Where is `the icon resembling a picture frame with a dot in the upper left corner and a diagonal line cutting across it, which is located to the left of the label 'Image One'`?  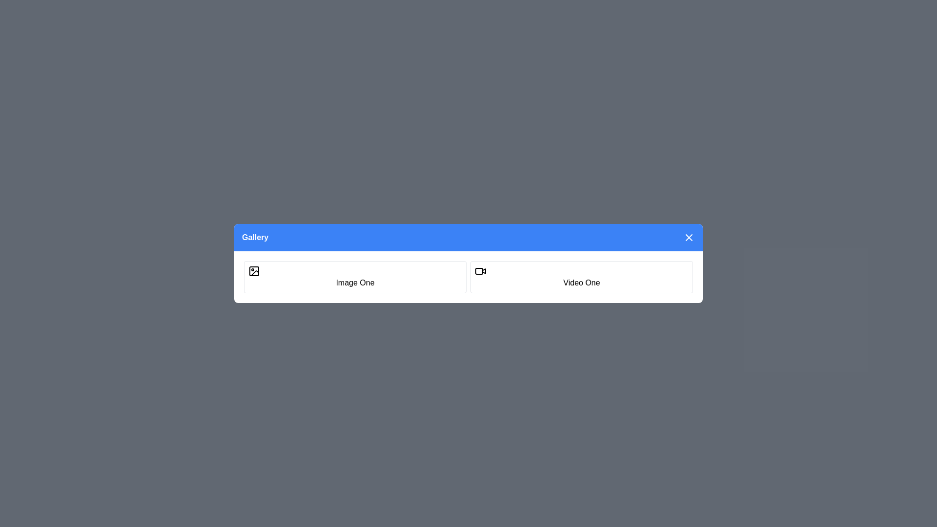
the icon resembling a picture frame with a dot in the upper left corner and a diagonal line cutting across it, which is located to the left of the label 'Image One' is located at coordinates (254, 271).